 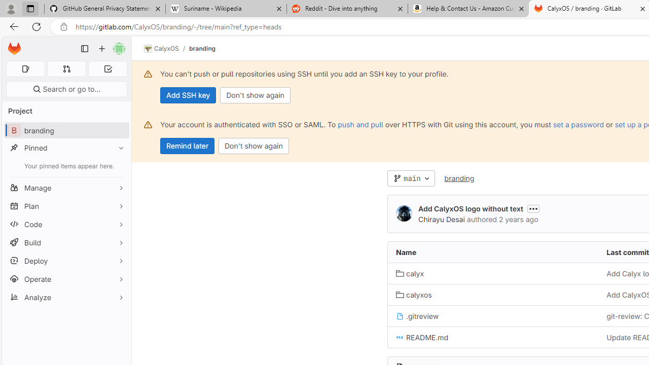 I want to click on 'push and pull', so click(x=360, y=124).